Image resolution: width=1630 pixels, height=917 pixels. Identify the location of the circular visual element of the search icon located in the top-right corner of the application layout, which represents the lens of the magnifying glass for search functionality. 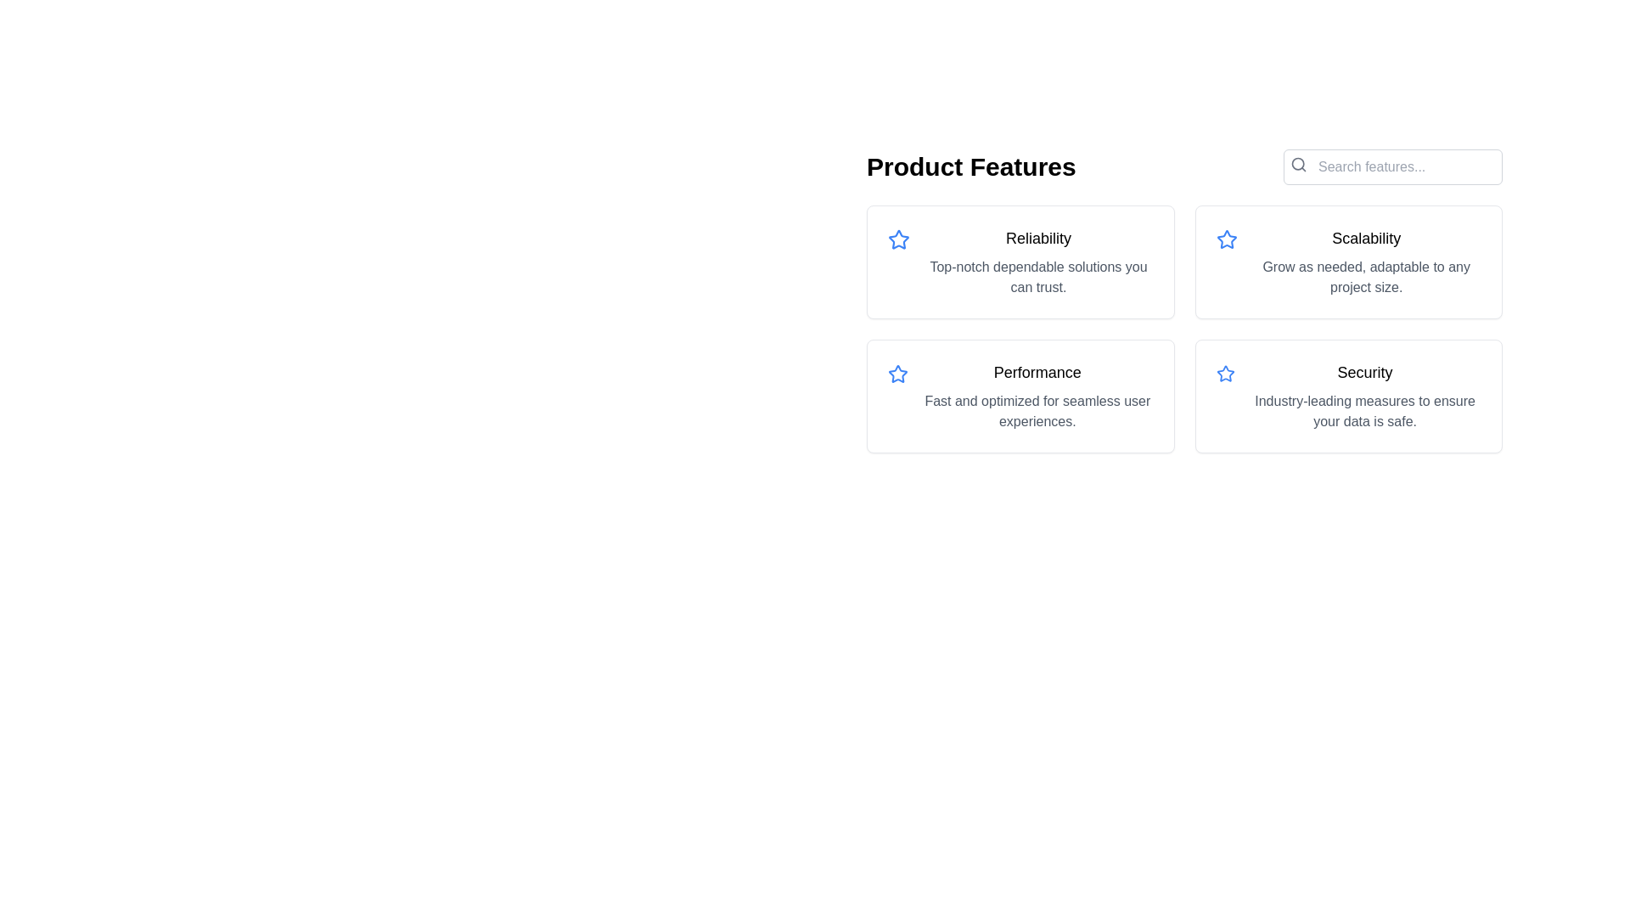
(1297, 164).